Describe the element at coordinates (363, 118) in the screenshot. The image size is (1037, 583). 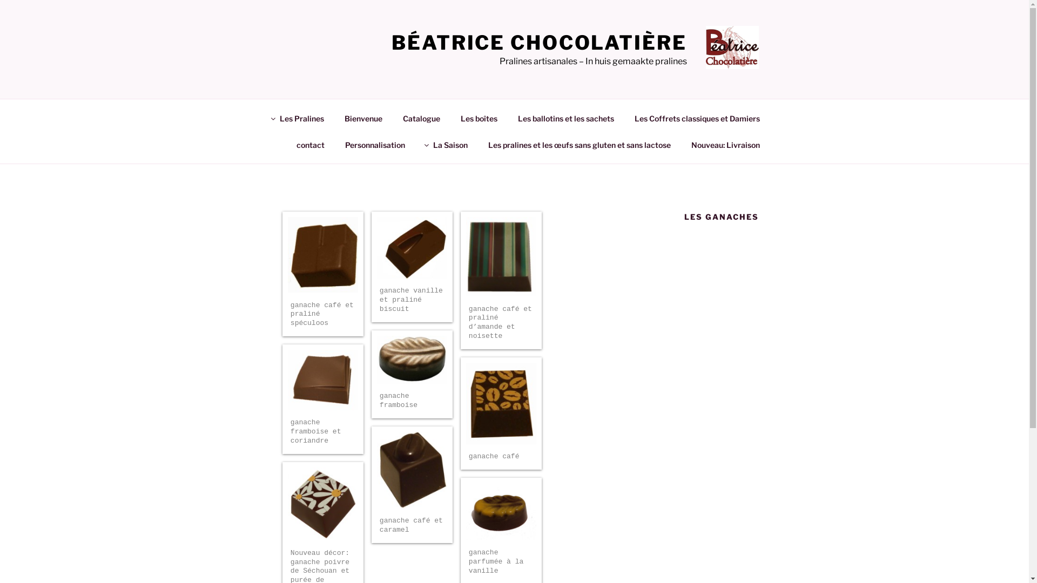
I see `'Bienvenue'` at that location.